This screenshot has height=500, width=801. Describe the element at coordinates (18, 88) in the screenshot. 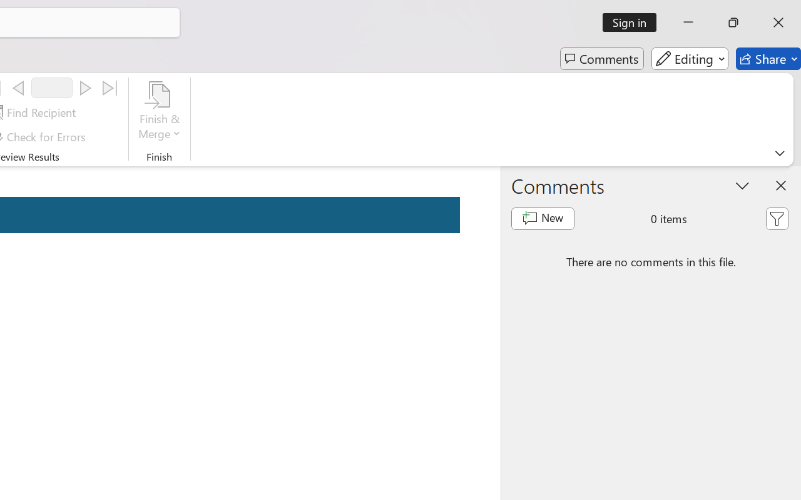

I see `'Previous'` at that location.